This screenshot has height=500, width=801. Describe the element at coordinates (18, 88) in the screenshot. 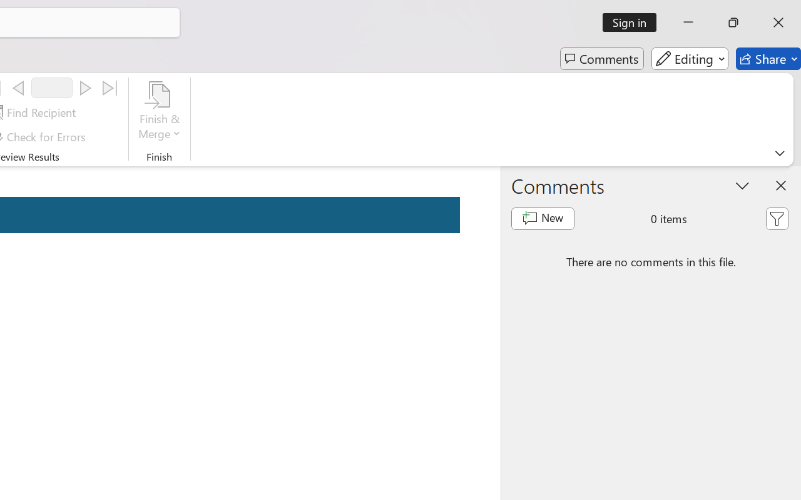

I see `'Previous'` at that location.